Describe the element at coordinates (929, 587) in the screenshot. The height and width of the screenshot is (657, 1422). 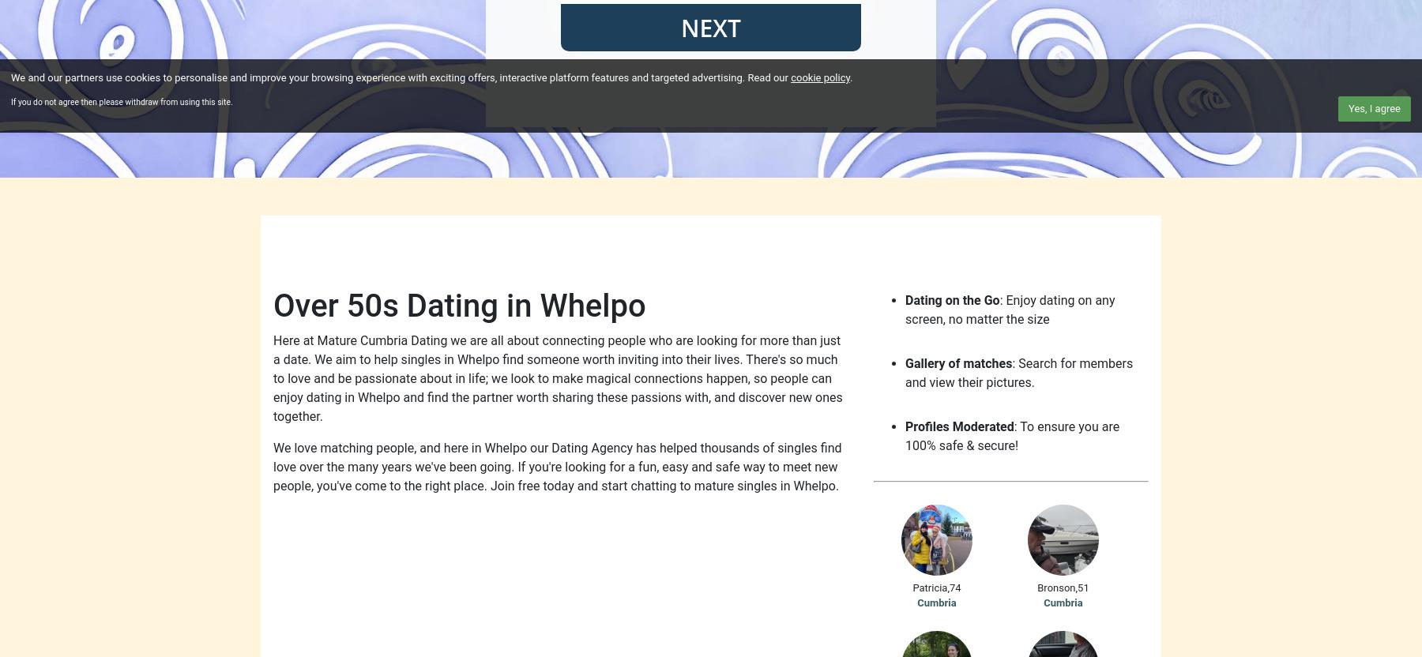
I see `'Patricia'` at that location.